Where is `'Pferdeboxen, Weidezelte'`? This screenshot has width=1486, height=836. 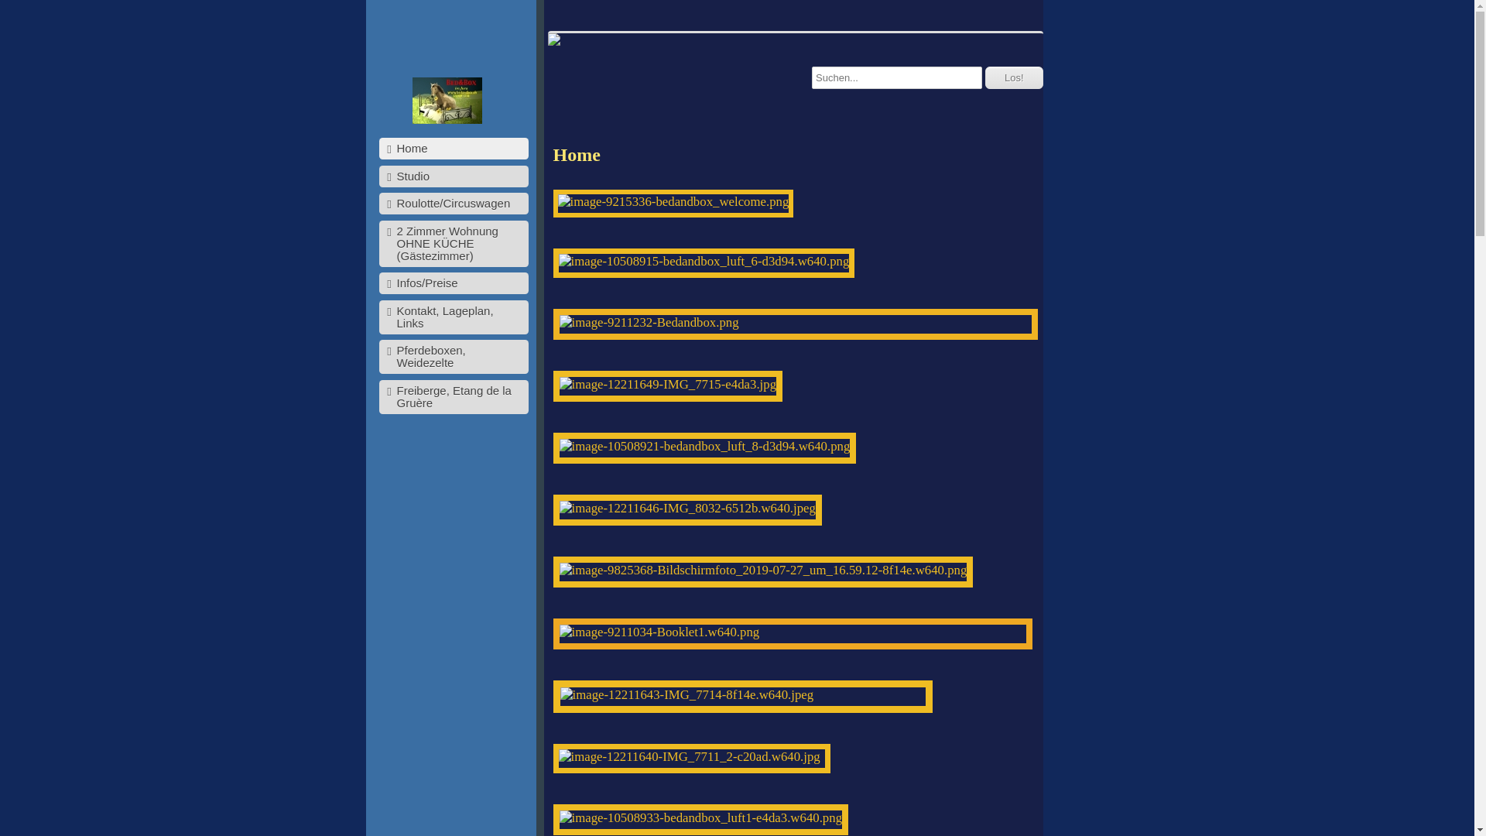 'Pferdeboxen, Weidezelte' is located at coordinates (453, 357).